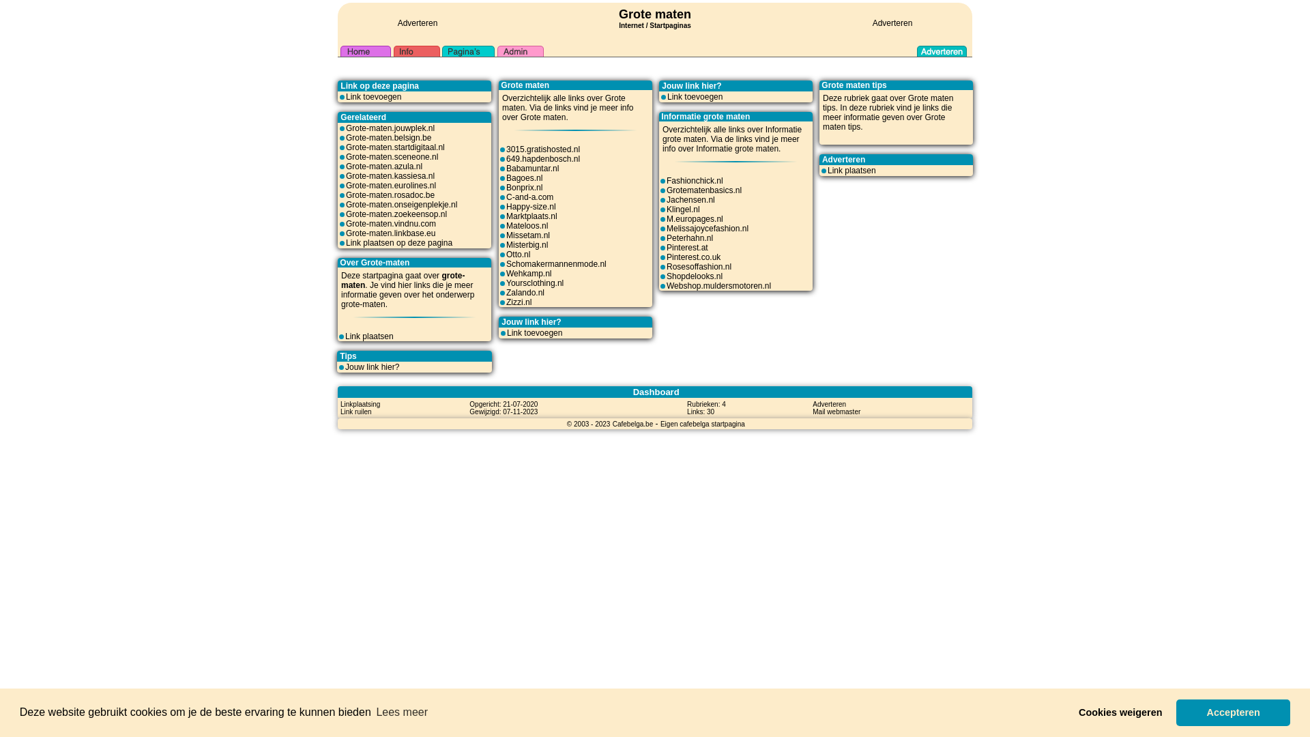  I want to click on 'Missetam.nl', so click(527, 234).